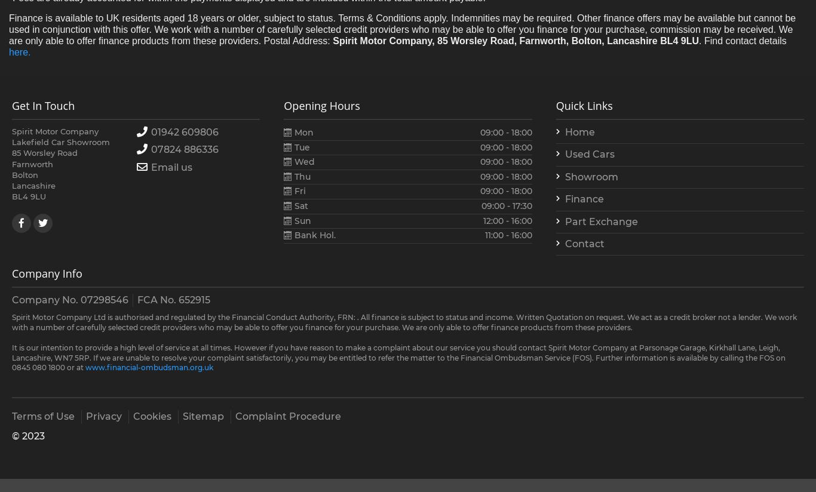 The image size is (816, 492). I want to click on 'Finance', so click(564, 199).